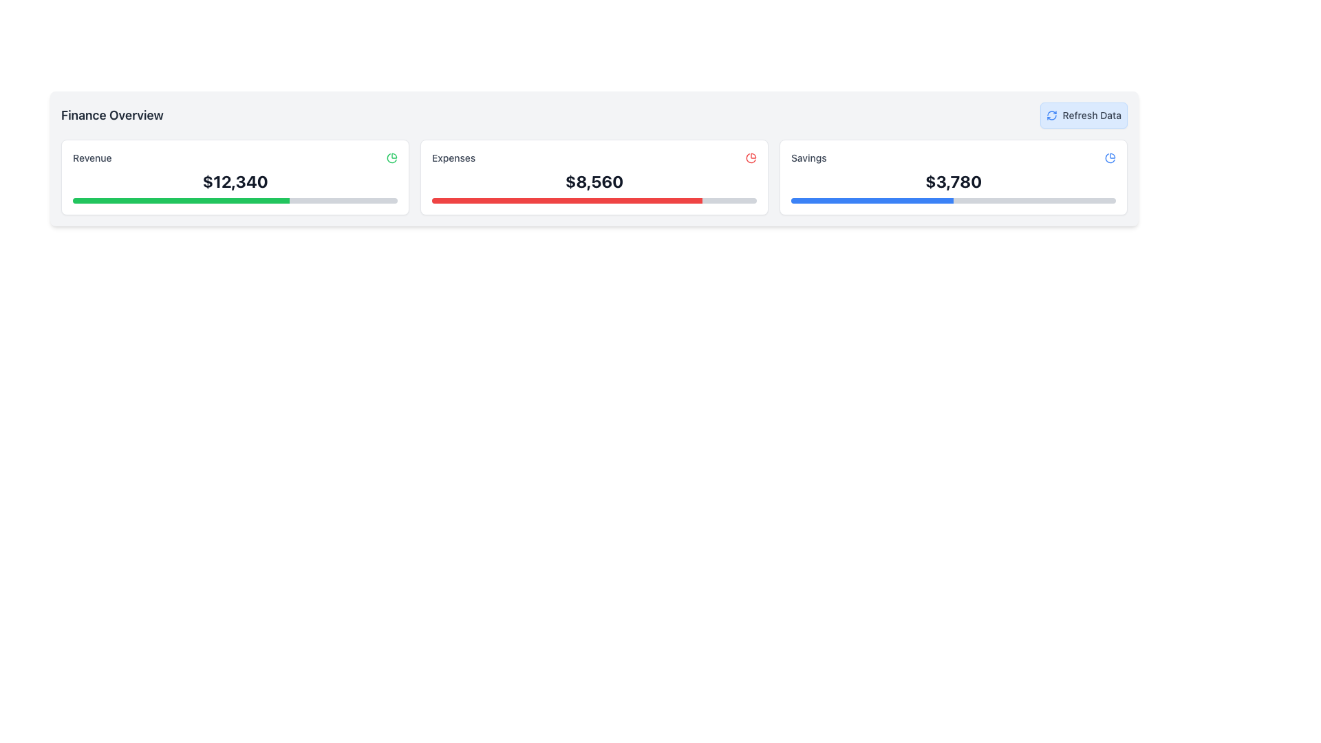  Describe the element at coordinates (92, 158) in the screenshot. I see `the static text label displaying 'Revenue', which is styled with a smaller font size, medium-weight font, and gray color, located in the left section of the interface under the 'Finance Overview' header` at that location.